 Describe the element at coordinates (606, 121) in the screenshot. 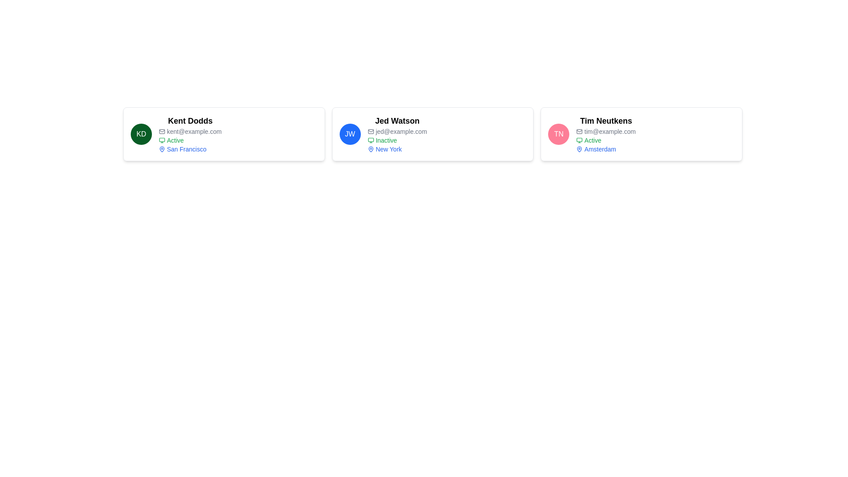

I see `the Text Label displaying 'Tim Neutkens', which is positioned at the top of the card on the far right in a horizontal set of three cards` at that location.